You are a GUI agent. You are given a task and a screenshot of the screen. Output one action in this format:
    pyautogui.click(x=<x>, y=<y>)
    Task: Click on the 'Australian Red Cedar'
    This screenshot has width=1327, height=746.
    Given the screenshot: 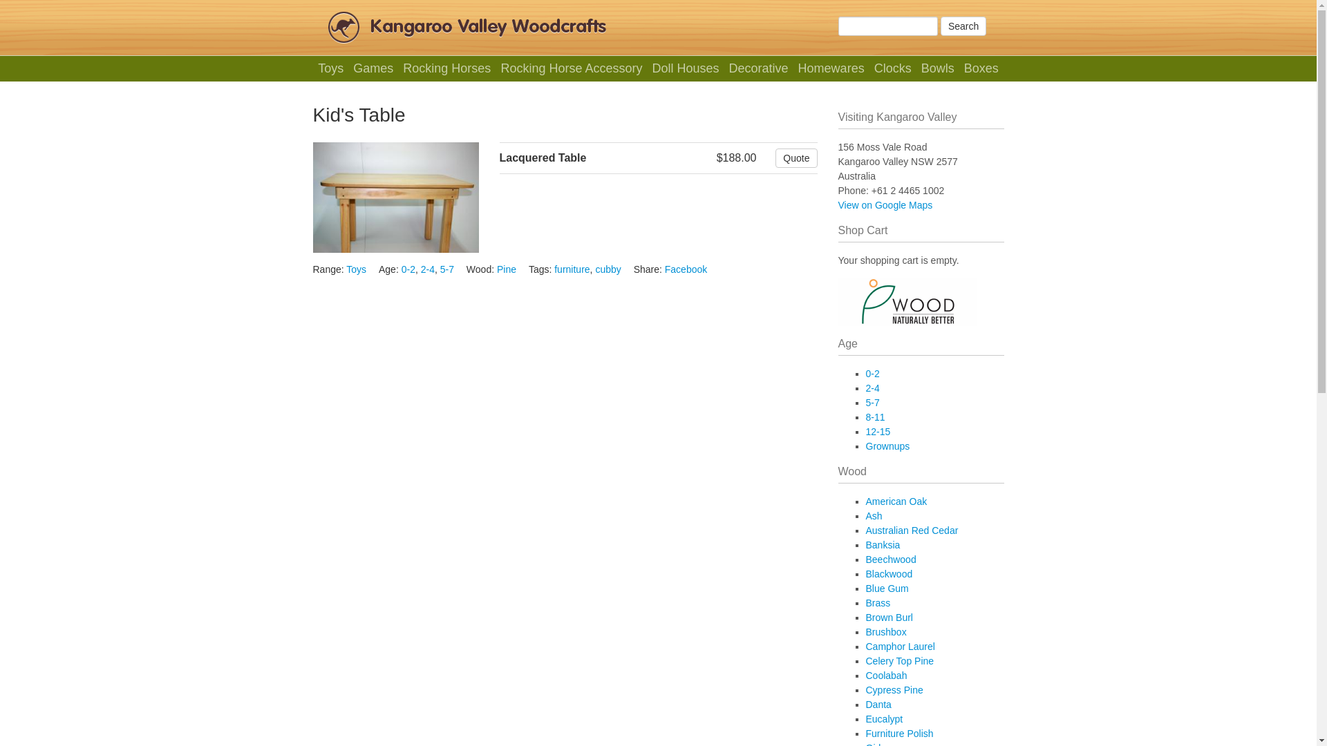 What is the action you would take?
    pyautogui.click(x=865, y=529)
    